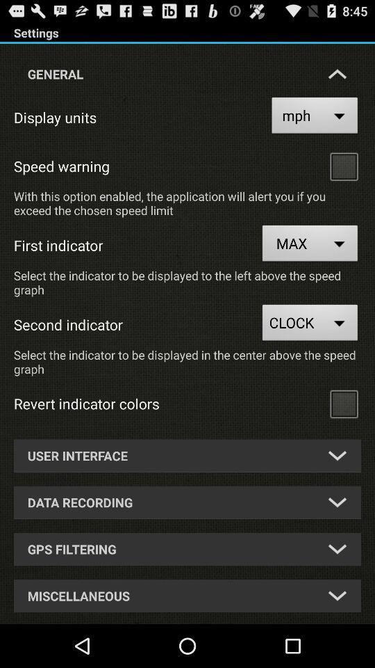 The height and width of the screenshot is (668, 375). What do you see at coordinates (337, 502) in the screenshot?
I see `drop down list of second option` at bounding box center [337, 502].